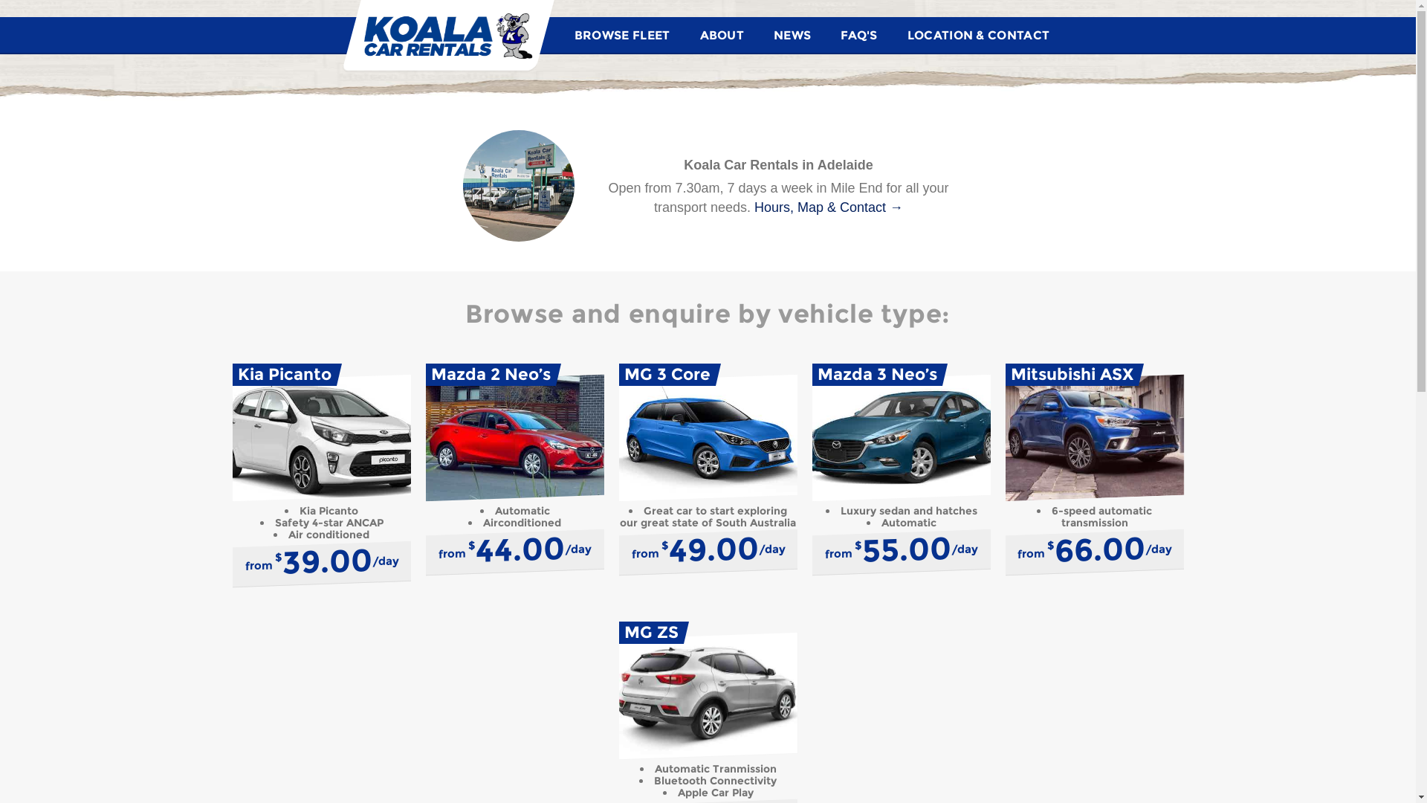 The width and height of the screenshot is (1427, 803). Describe the element at coordinates (859, 33) in the screenshot. I see `'FAQ'S'` at that location.